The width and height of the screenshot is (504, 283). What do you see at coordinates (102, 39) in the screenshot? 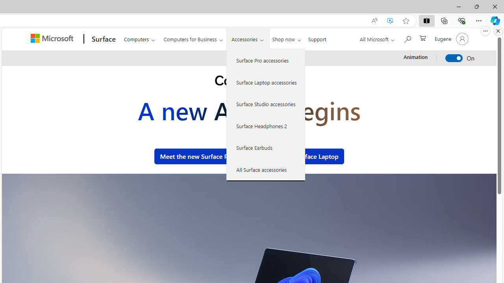
I see `'Surface'` at bounding box center [102, 39].